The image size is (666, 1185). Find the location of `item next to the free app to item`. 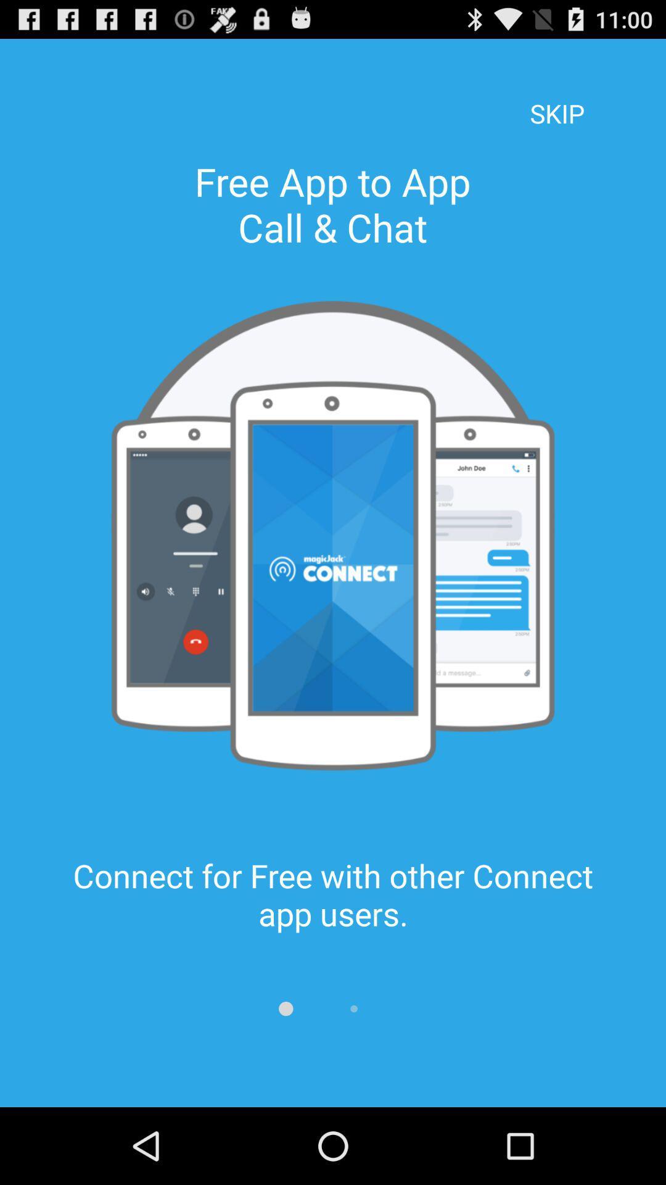

item next to the free app to item is located at coordinates (557, 96).